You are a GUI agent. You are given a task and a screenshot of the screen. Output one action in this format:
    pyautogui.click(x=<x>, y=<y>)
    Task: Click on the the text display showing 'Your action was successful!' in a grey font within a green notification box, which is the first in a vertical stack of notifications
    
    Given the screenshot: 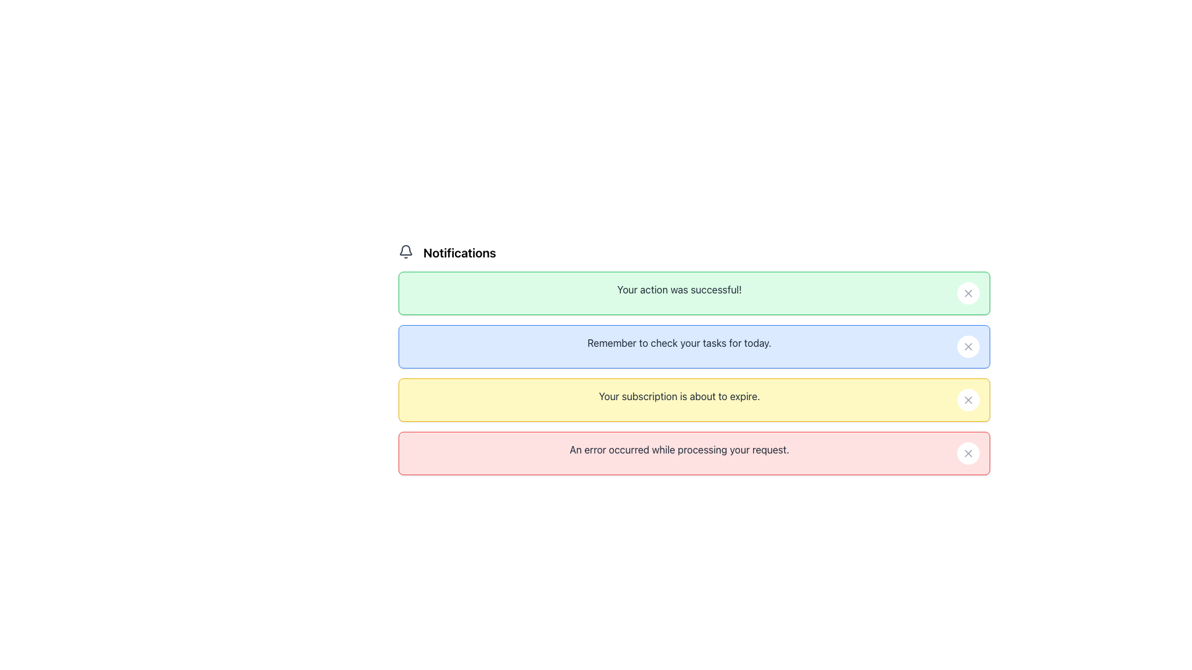 What is the action you would take?
    pyautogui.click(x=679, y=289)
    